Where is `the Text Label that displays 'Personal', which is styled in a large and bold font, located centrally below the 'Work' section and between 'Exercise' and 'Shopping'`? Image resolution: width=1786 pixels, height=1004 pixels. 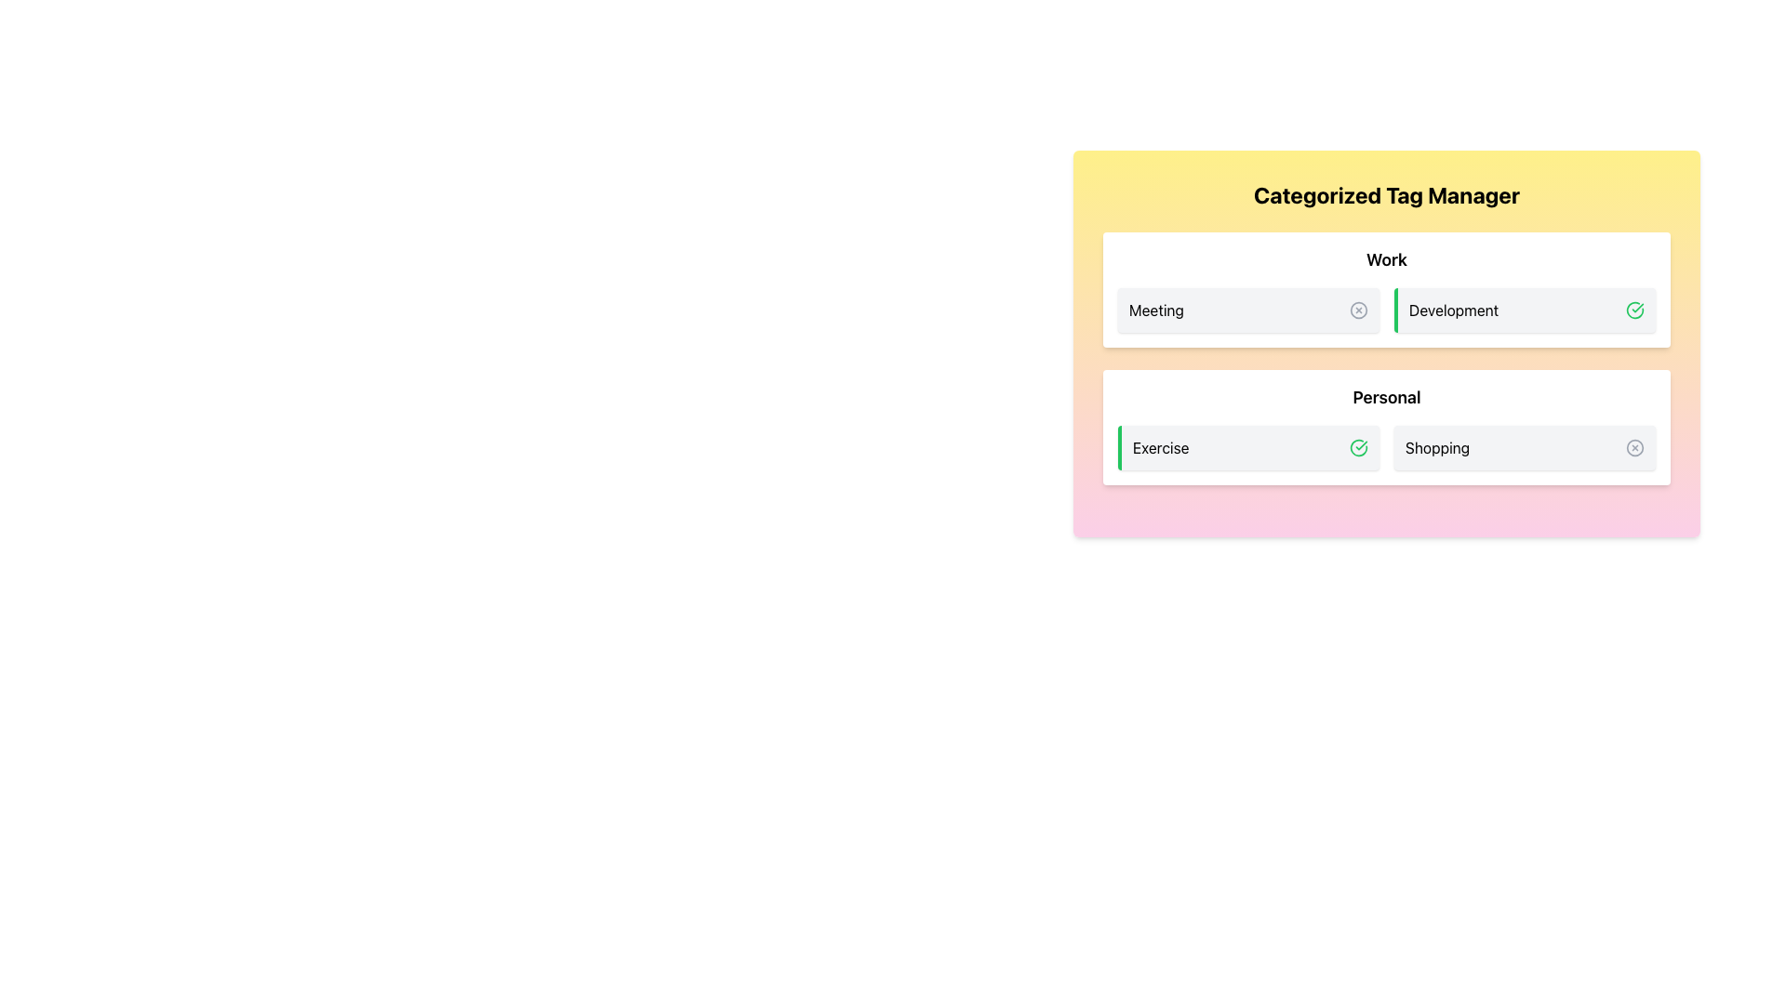
the Text Label that displays 'Personal', which is styled in a large and bold font, located centrally below the 'Work' section and between 'Exercise' and 'Shopping' is located at coordinates (1387, 397).